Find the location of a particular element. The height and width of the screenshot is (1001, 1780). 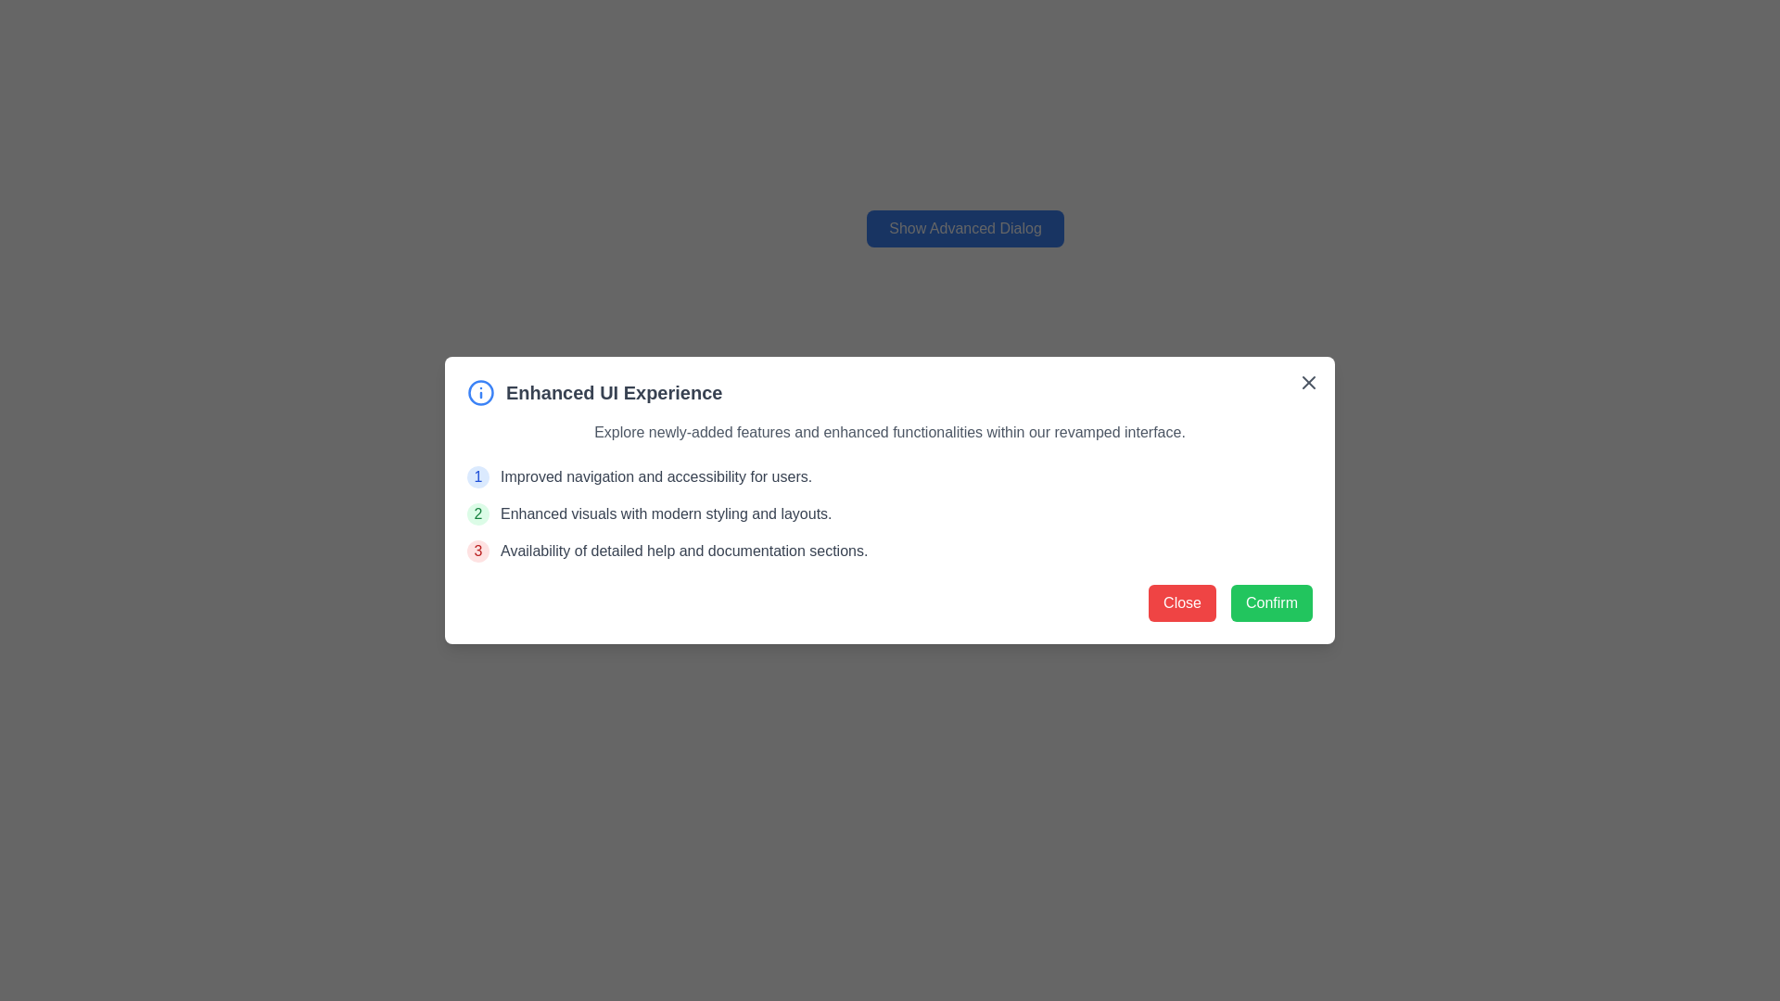

the text label displaying 'Availability of detailed help and documentation sections.' in the dialog box titled 'Enhanced UI Experience', which is the third item in the list is located at coordinates (683, 550).